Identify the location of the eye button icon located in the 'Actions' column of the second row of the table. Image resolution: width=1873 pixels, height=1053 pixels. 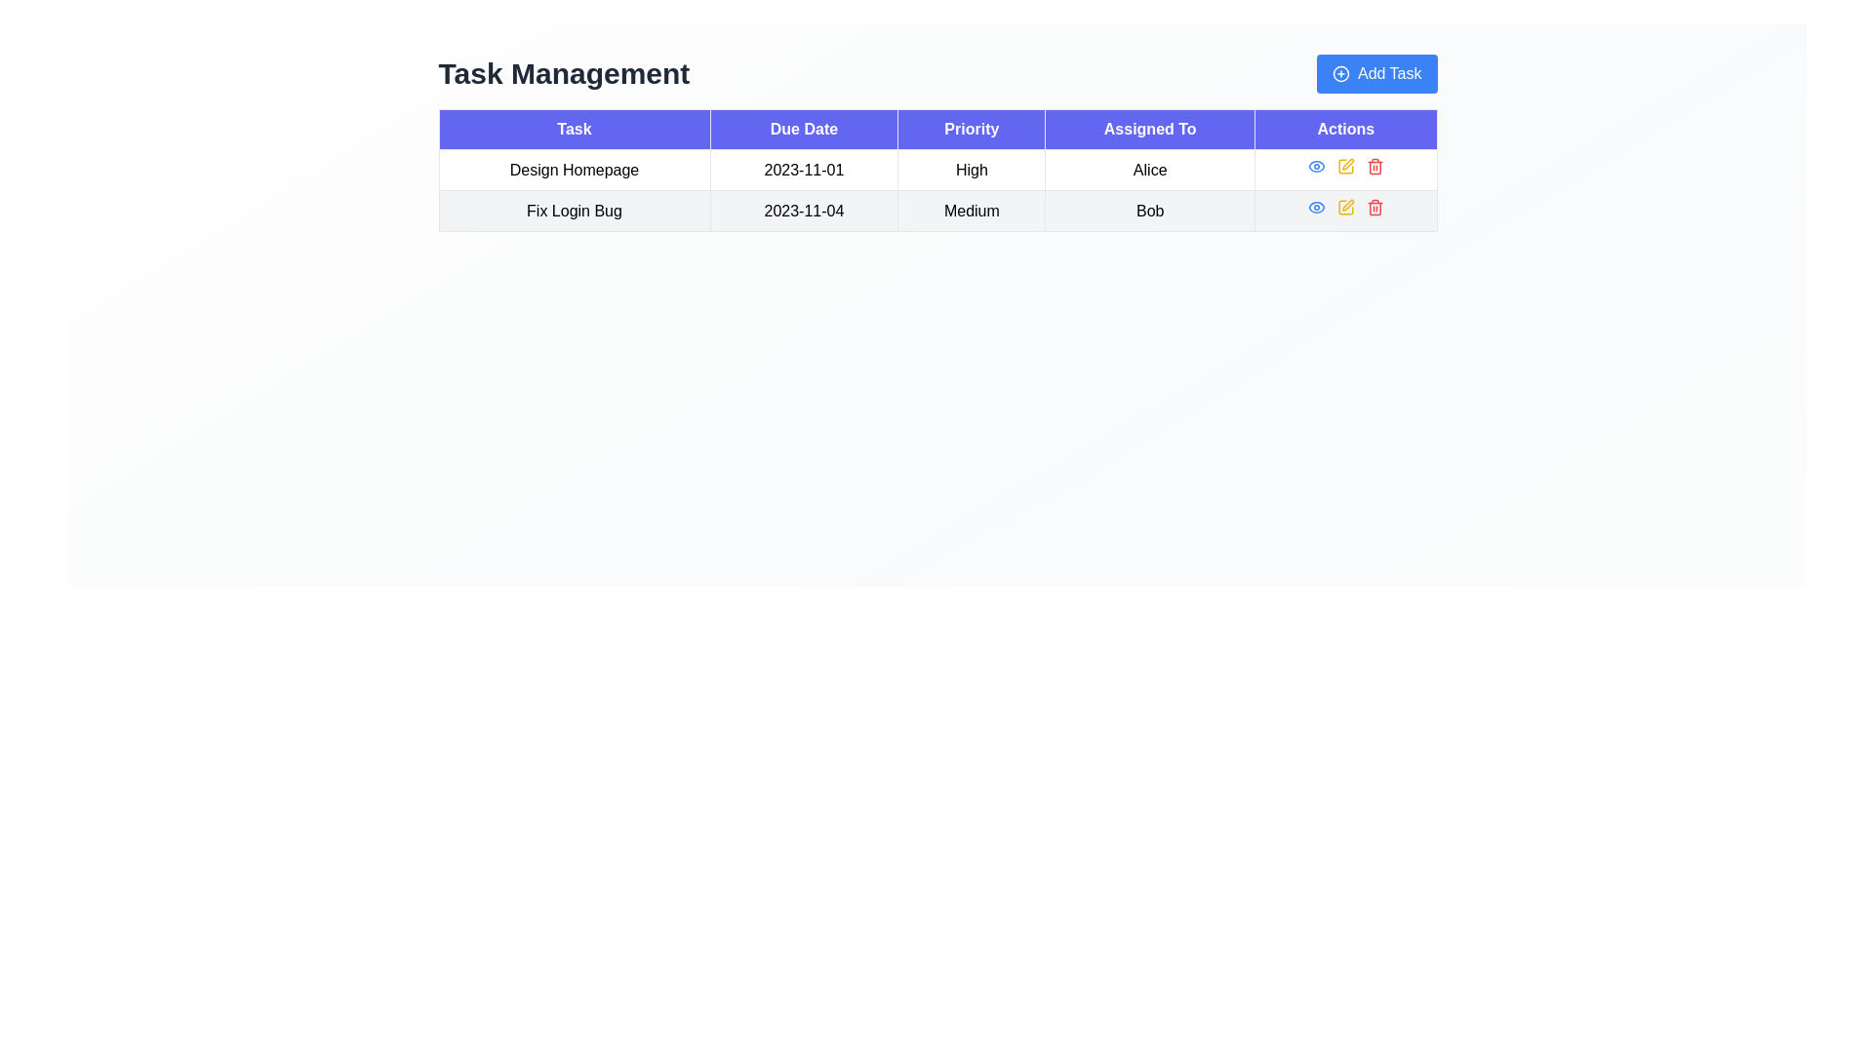
(1316, 165).